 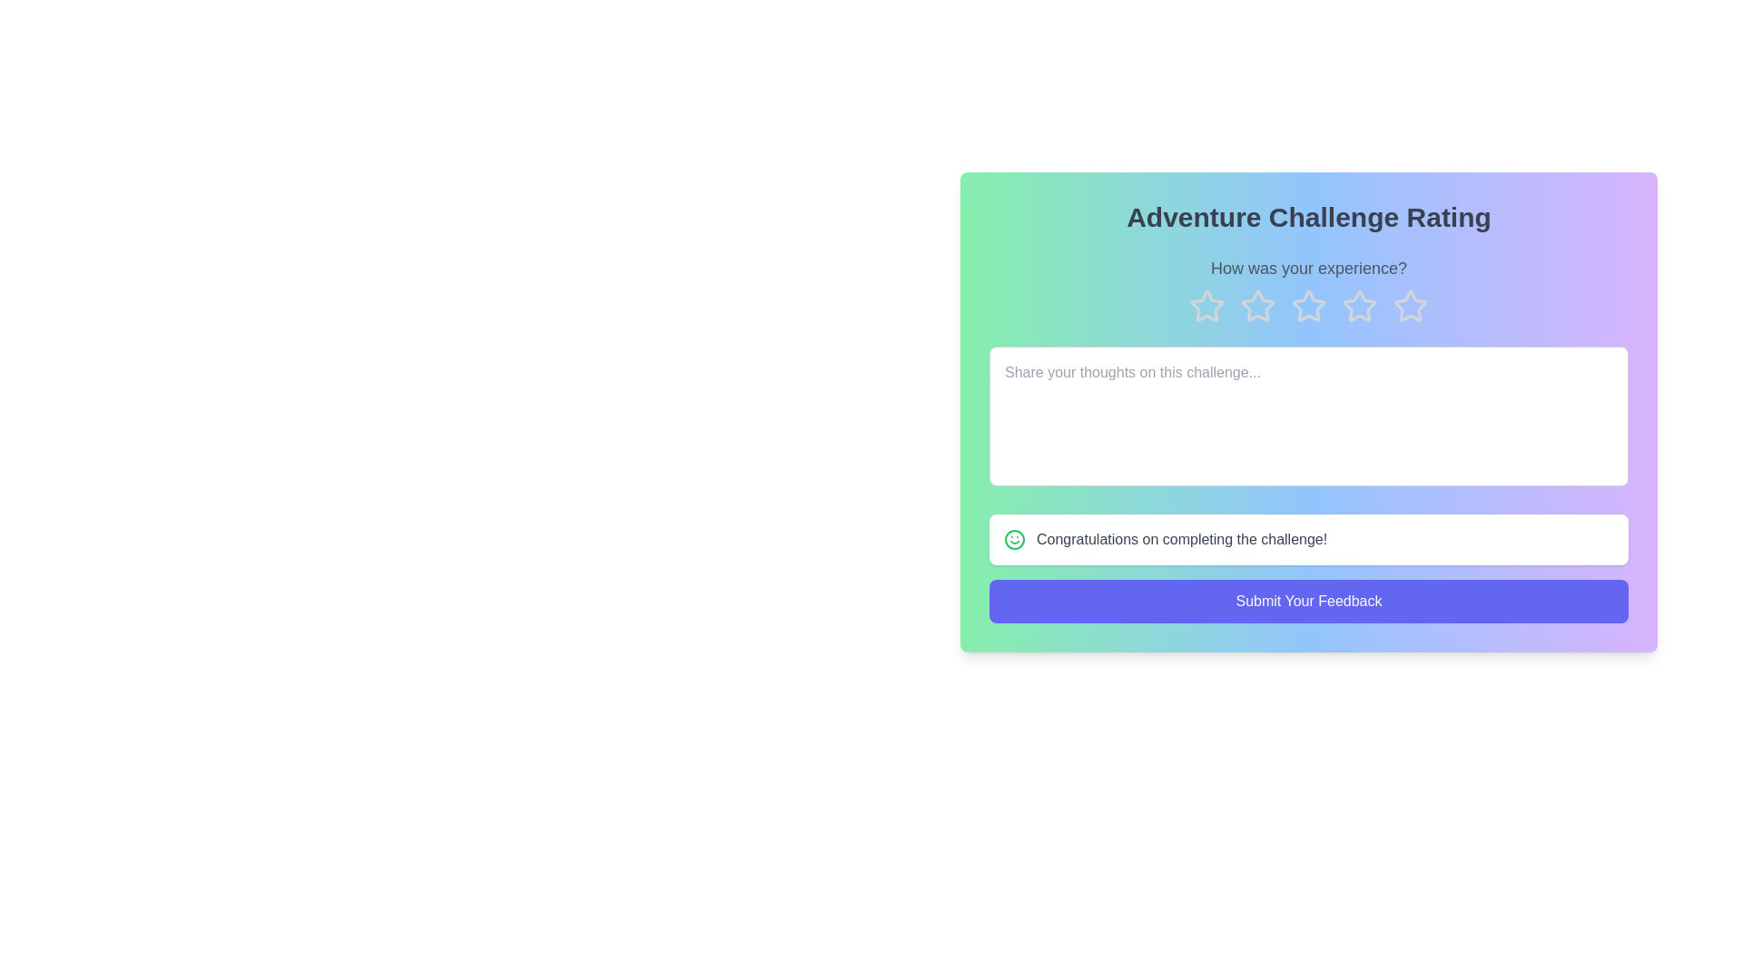 What do you see at coordinates (1014, 538) in the screenshot?
I see `the circular smiling face icon within the green-colored SVG graphic located to the left of the text 'Congratulations on completing the challenge!'` at bounding box center [1014, 538].